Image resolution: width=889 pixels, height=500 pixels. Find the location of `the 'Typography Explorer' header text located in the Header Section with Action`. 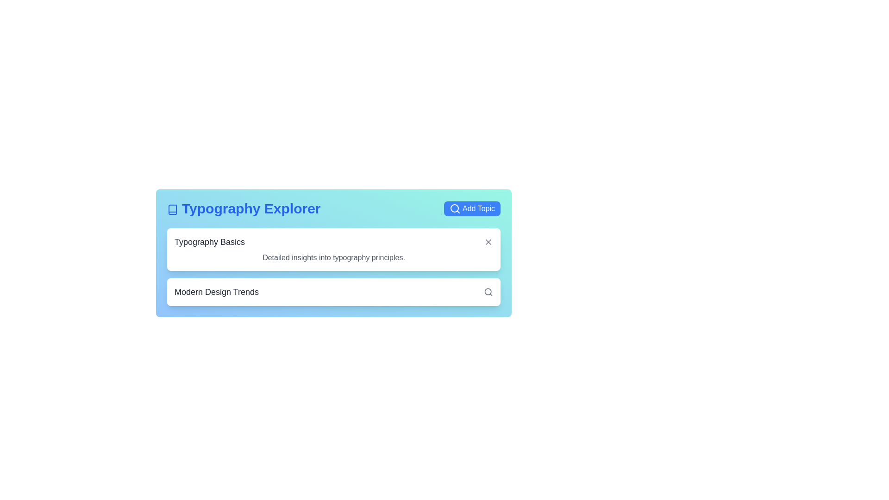

the 'Typography Explorer' header text located in the Header Section with Action is located at coordinates (333, 209).